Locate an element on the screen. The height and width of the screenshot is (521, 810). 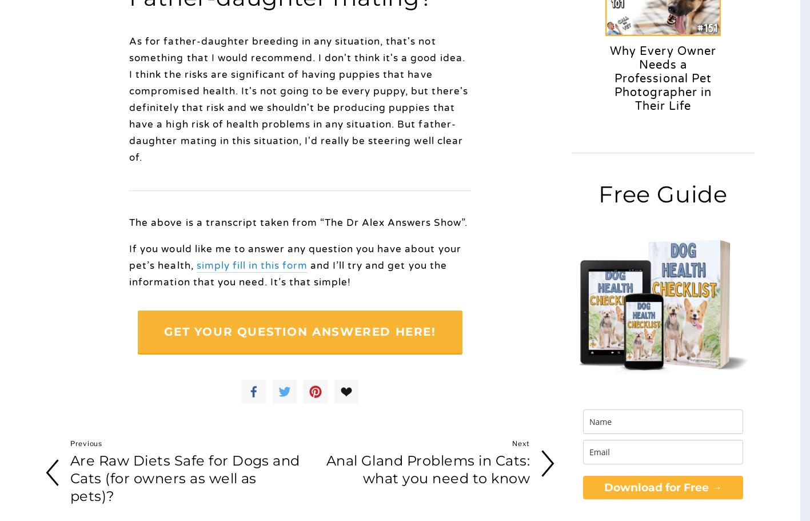
'Download for Free →' is located at coordinates (662, 487).